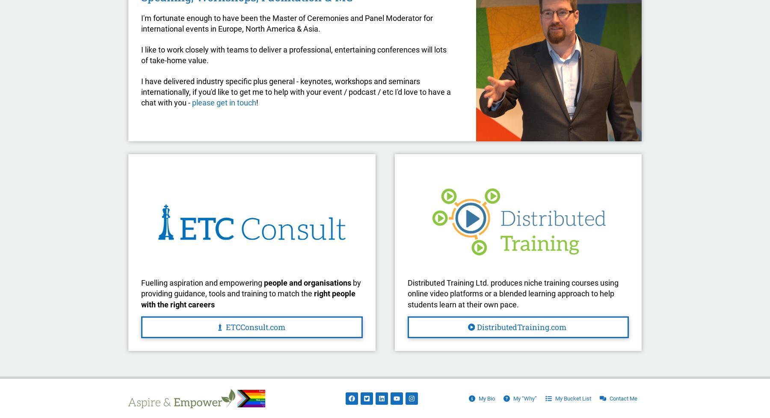  What do you see at coordinates (257, 102) in the screenshot?
I see `'!'` at bounding box center [257, 102].